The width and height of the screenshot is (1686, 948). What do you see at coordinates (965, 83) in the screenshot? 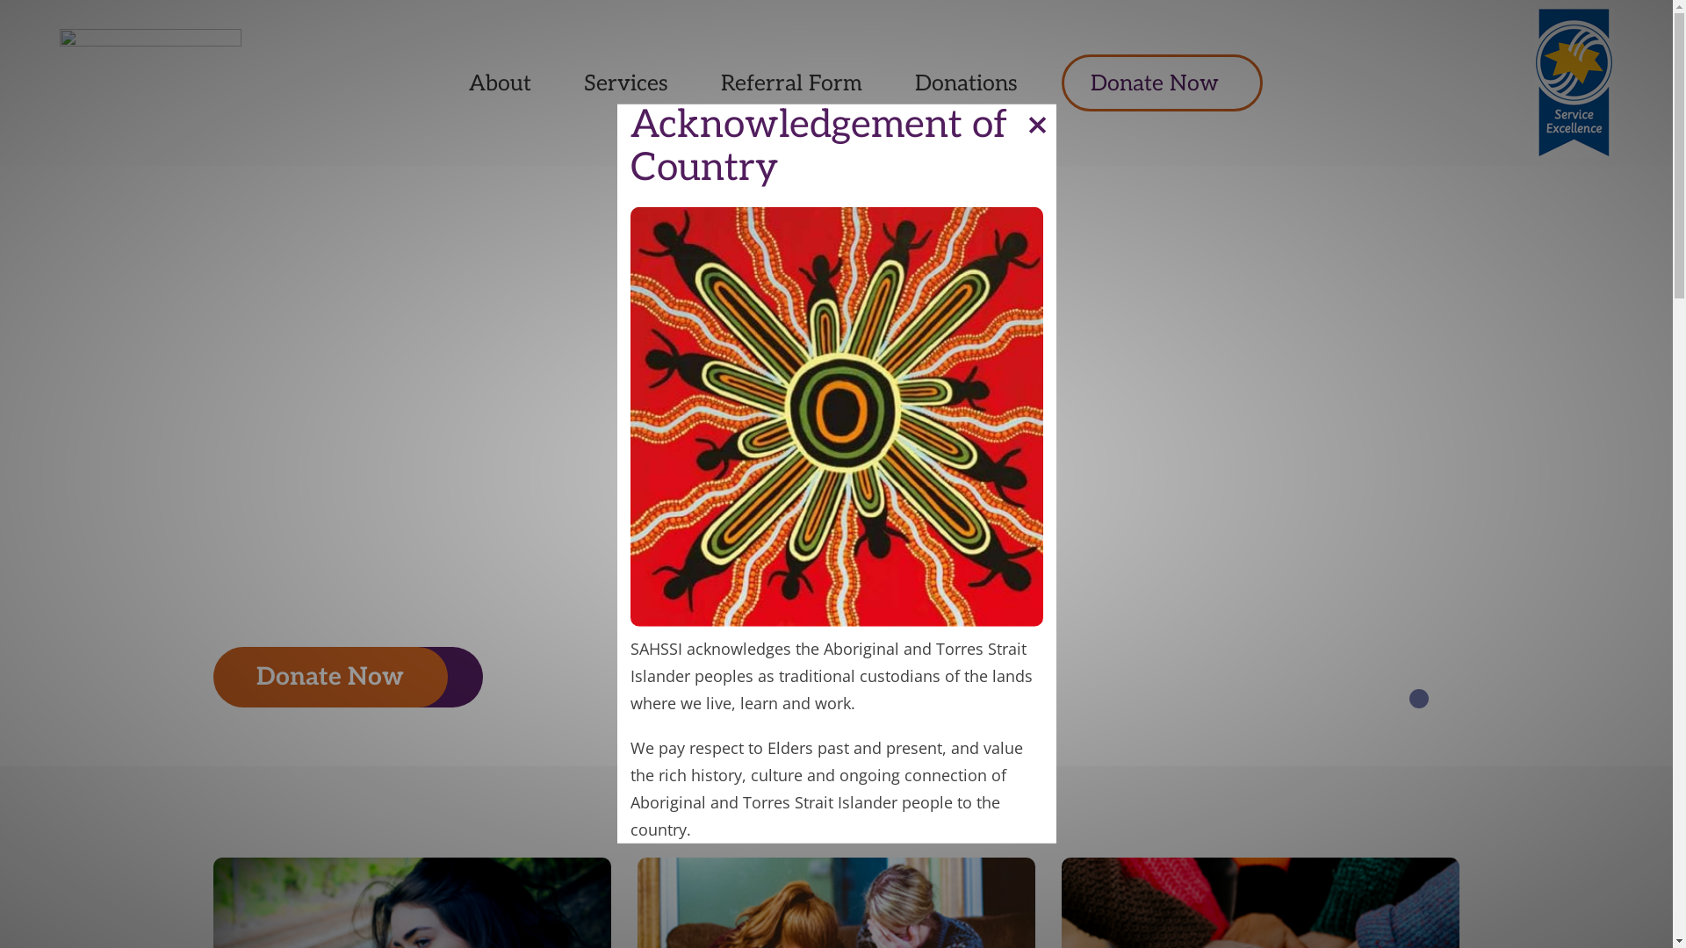
I see `'Donations'` at bounding box center [965, 83].